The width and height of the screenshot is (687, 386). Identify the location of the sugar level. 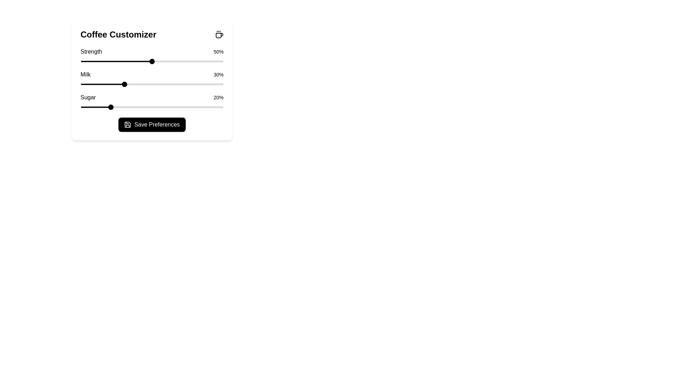
(160, 107).